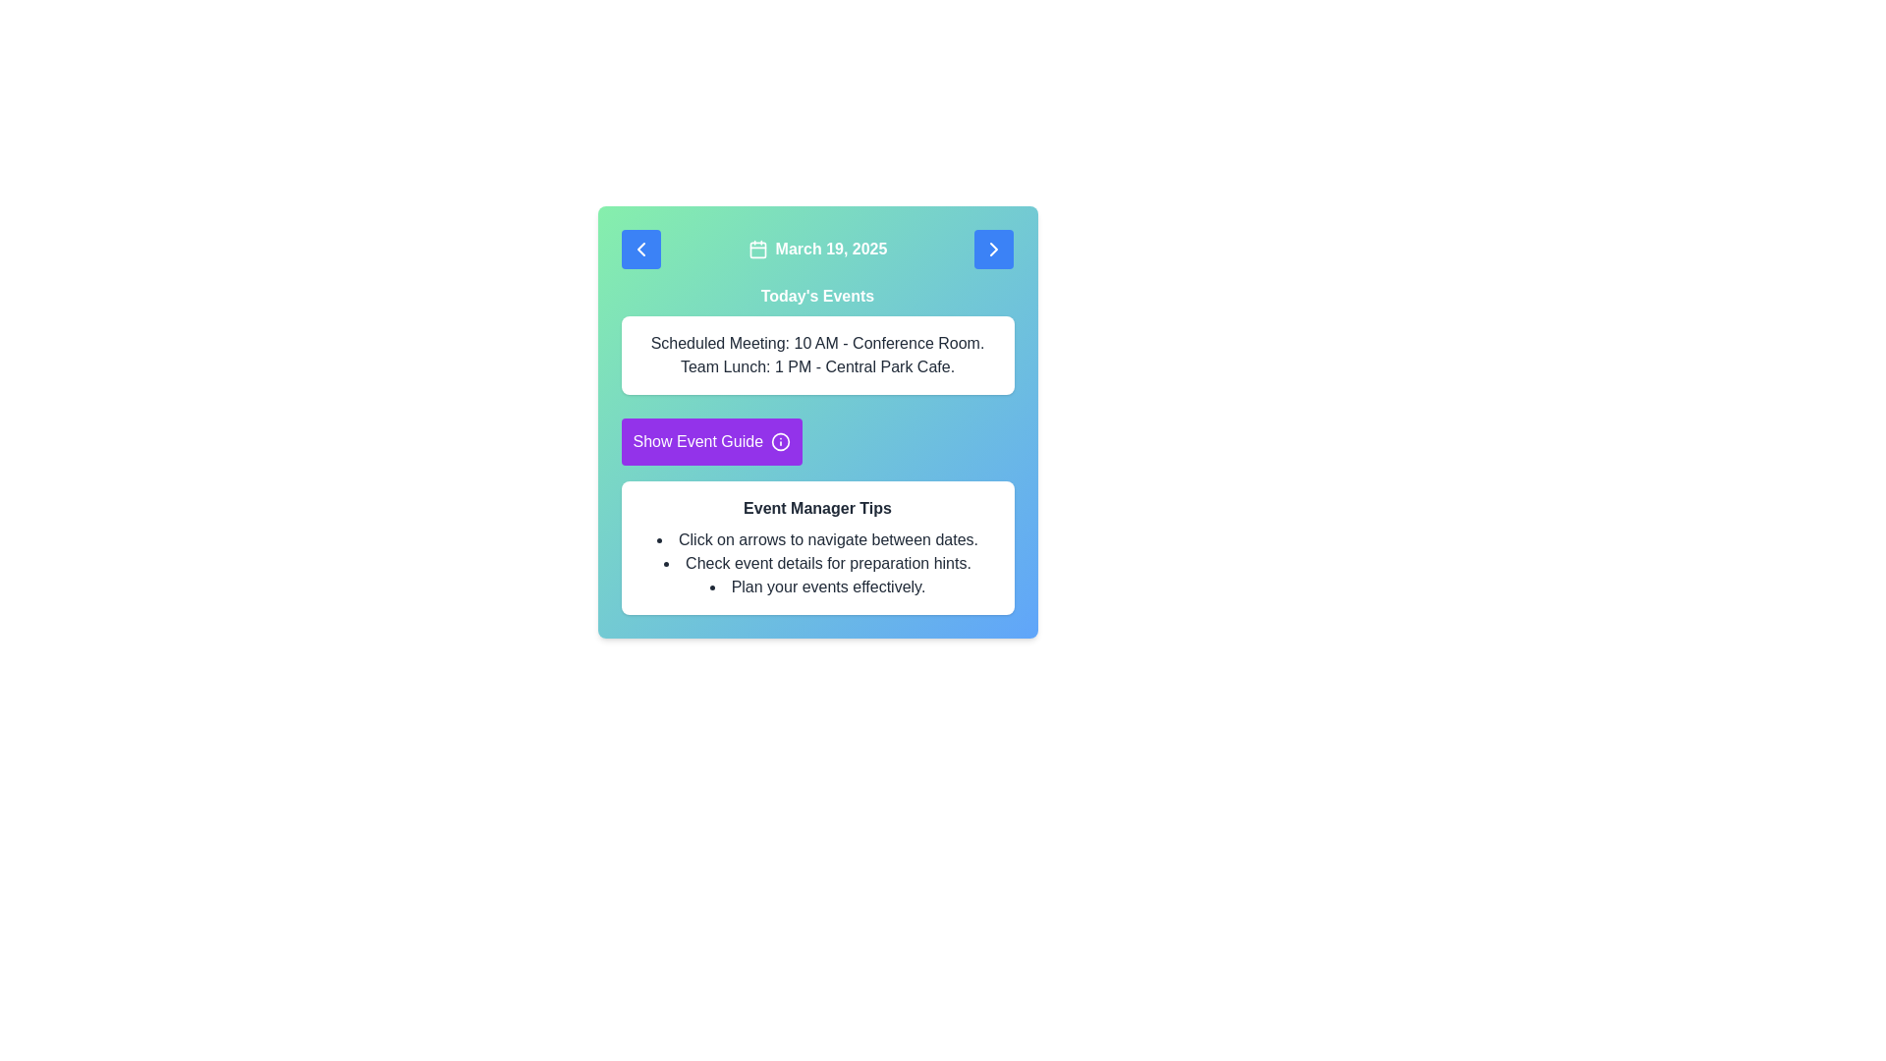 Image resolution: width=1886 pixels, height=1061 pixels. I want to click on the first bullet point in the 'Event Manager Tips' section of the card-style panel that provides guidance on using navigational arrows for changing dates, so click(817, 540).